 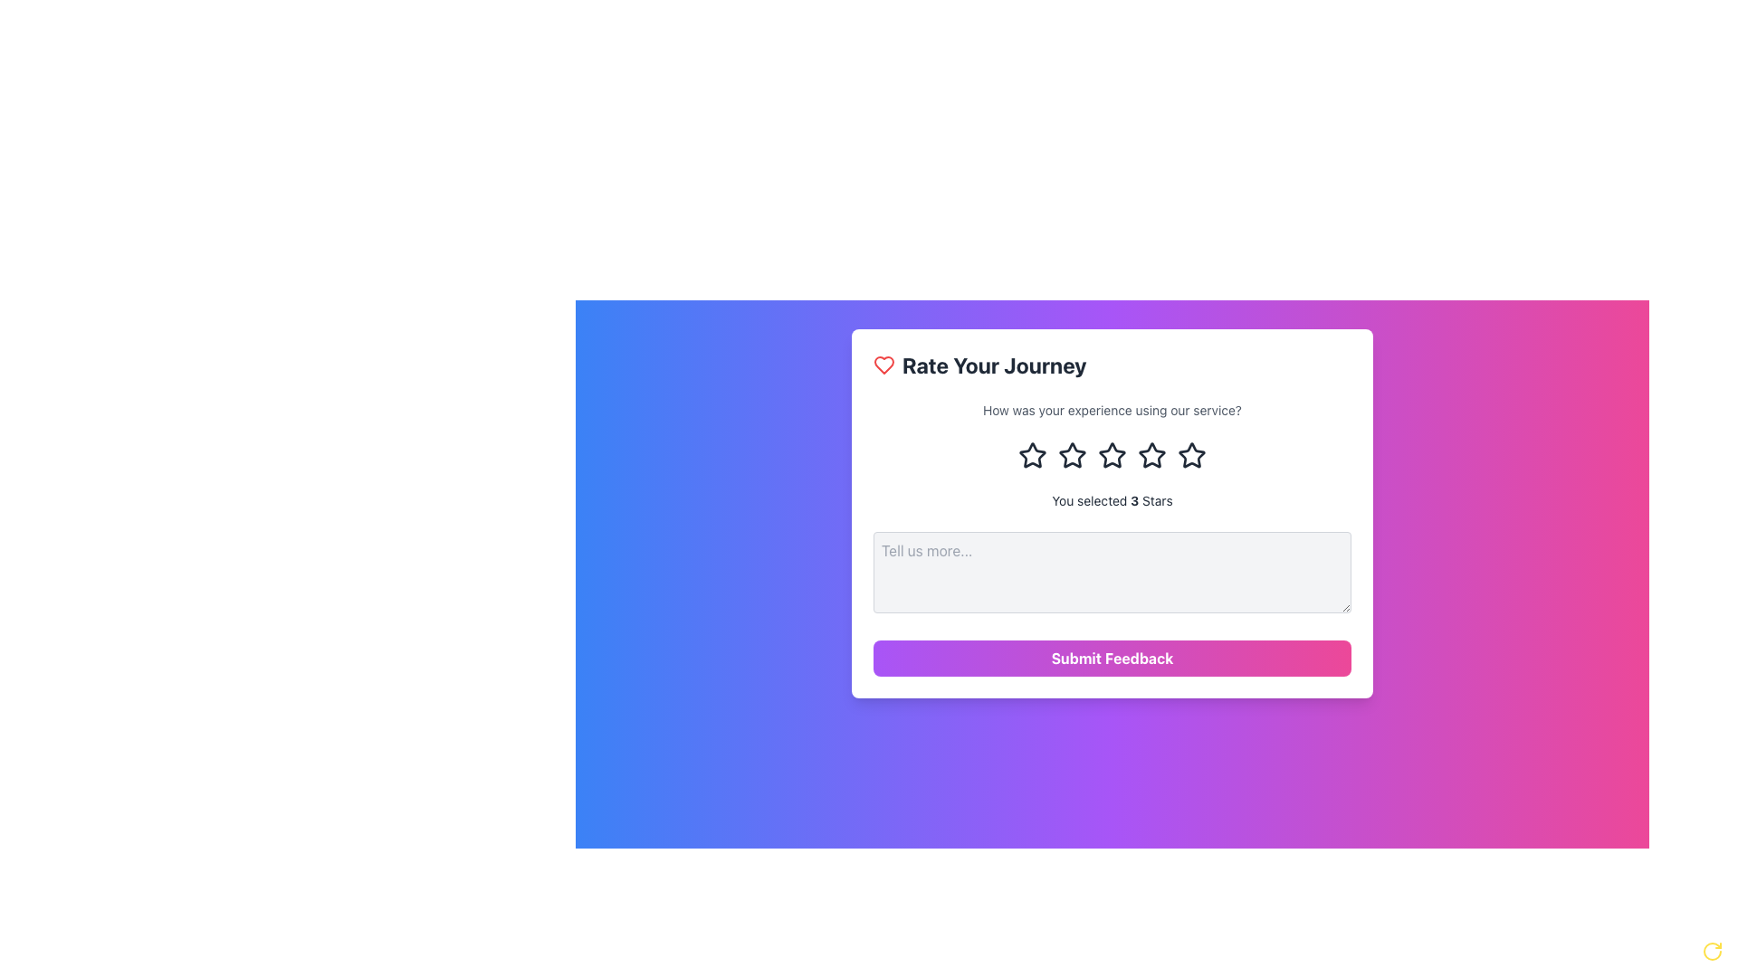 What do you see at coordinates (1072, 453) in the screenshot?
I see `the third star in the rating section beneath 'Rate Your Journey'` at bounding box center [1072, 453].